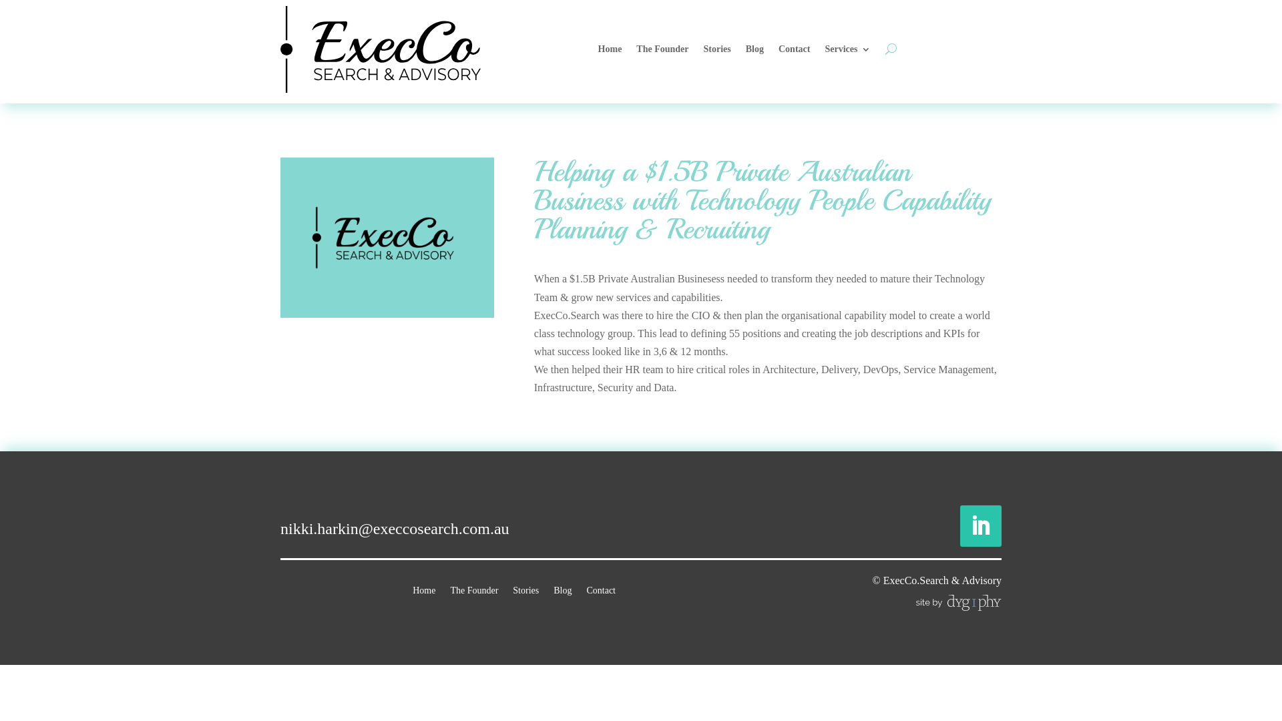 The height and width of the screenshot is (721, 1282). What do you see at coordinates (847, 48) in the screenshot?
I see `'Services'` at bounding box center [847, 48].